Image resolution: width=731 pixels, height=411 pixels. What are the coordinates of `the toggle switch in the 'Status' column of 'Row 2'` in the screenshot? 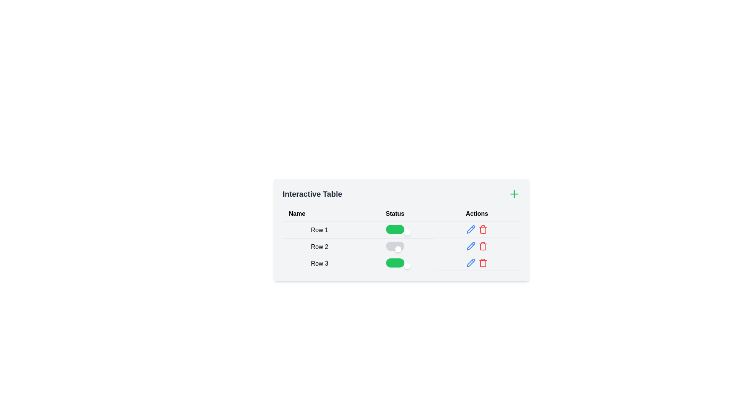 It's located at (395, 247).